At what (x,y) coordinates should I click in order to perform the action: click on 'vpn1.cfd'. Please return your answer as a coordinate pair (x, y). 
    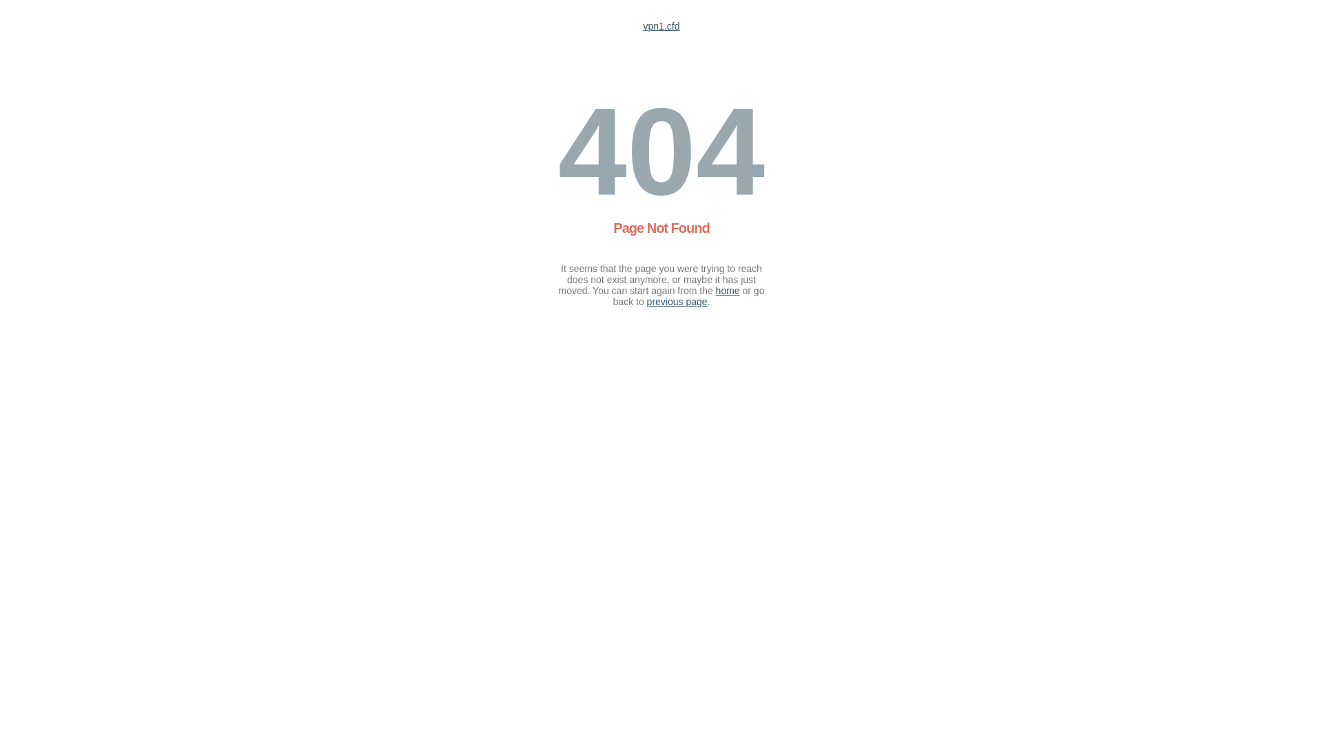
    Looking at the image, I should click on (661, 26).